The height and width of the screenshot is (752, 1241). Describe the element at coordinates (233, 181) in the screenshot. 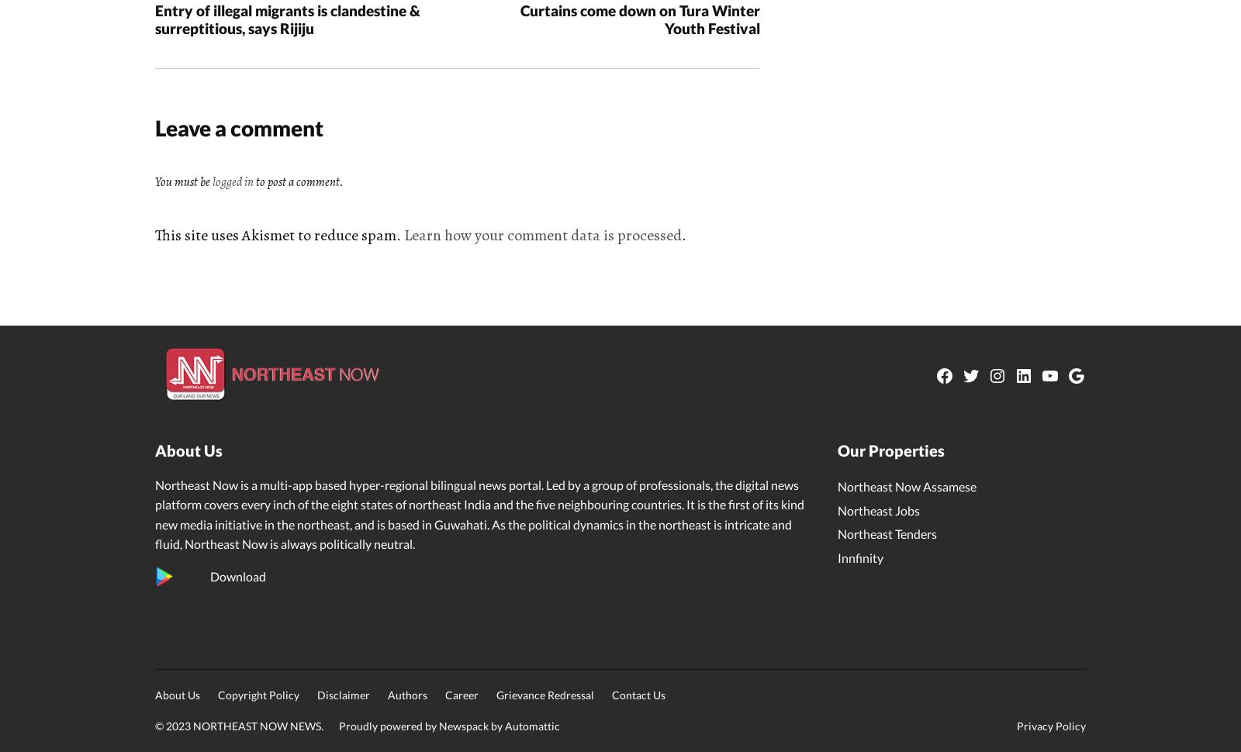

I see `'logged in'` at that location.